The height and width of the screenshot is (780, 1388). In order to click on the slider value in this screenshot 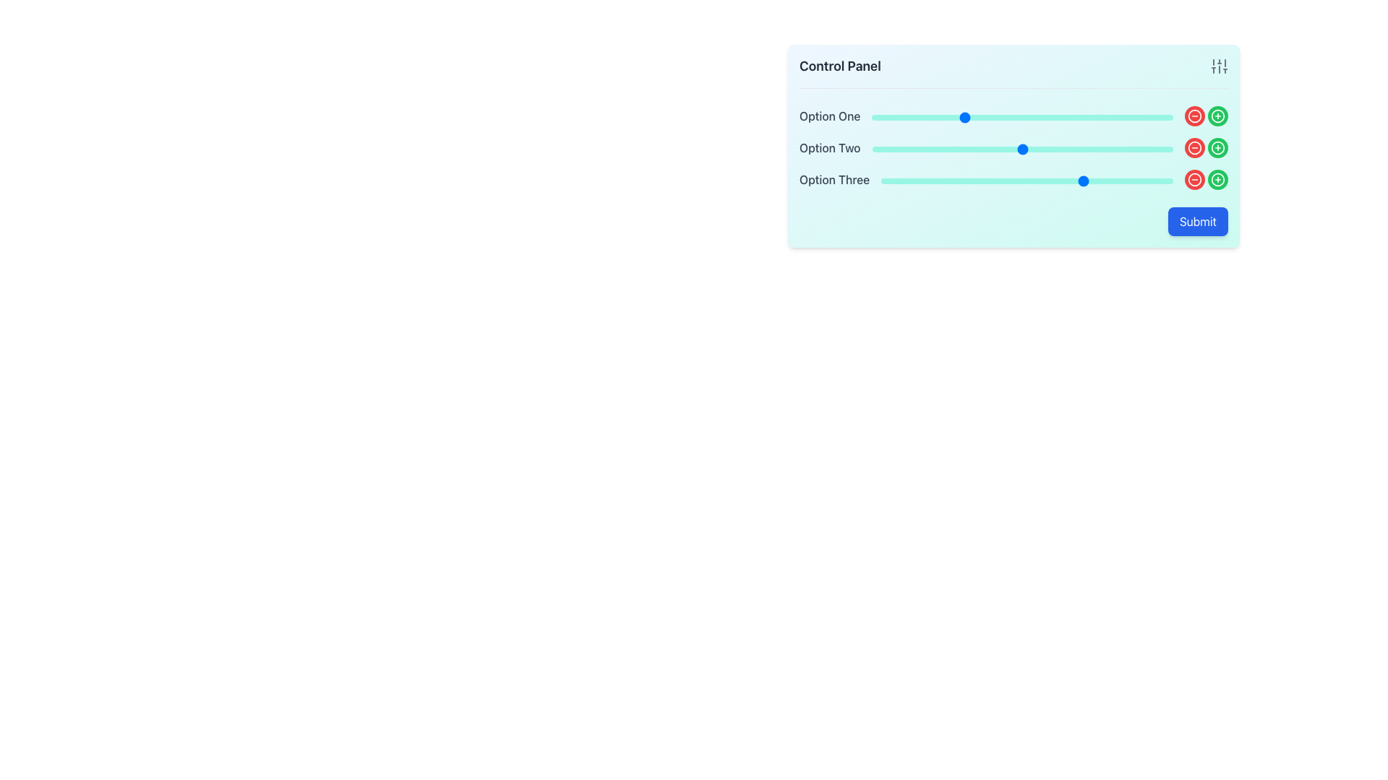, I will do `click(1048, 180)`.